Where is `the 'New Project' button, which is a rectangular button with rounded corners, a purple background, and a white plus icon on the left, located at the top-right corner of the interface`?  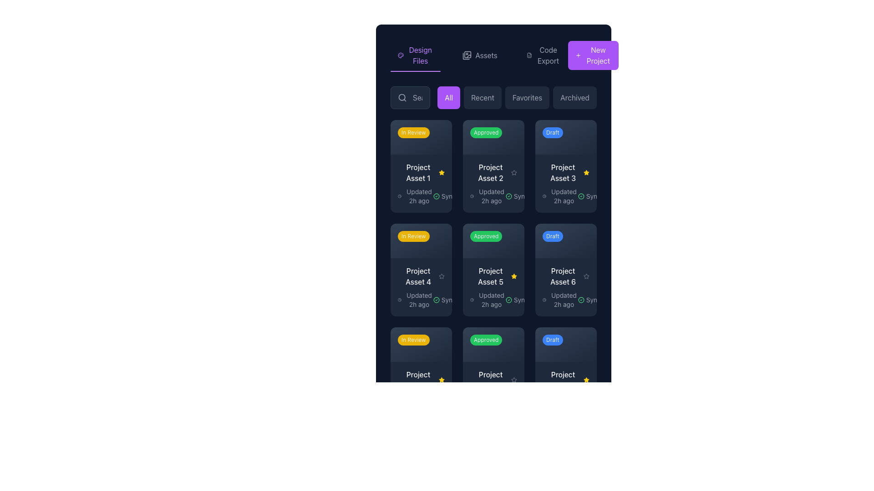
the 'New Project' button, which is a rectangular button with rounded corners, a purple background, and a white plus icon on the left, located at the top-right corner of the interface is located at coordinates (593, 55).